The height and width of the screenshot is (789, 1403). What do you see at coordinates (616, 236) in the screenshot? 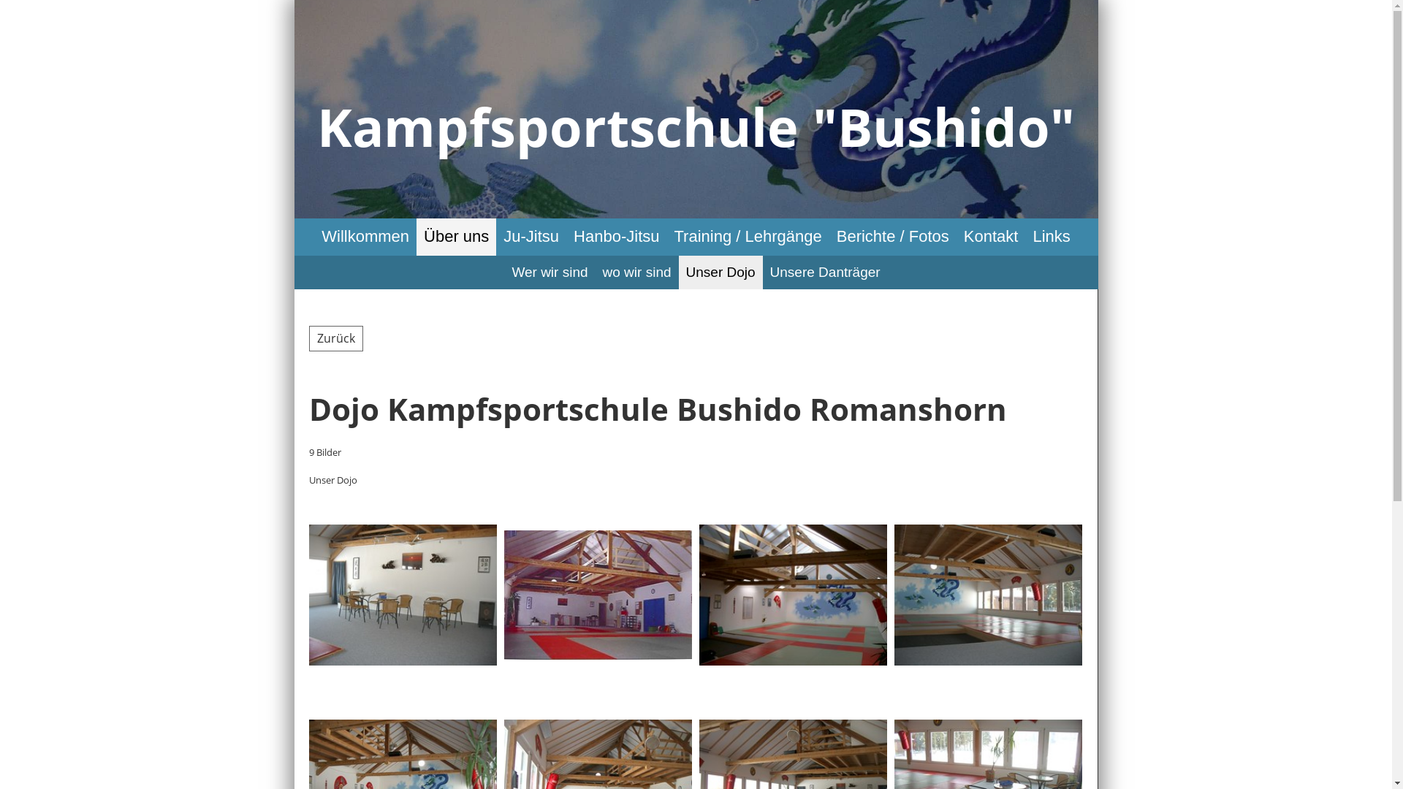
I see `'Hanbo-Jitsu'` at bounding box center [616, 236].